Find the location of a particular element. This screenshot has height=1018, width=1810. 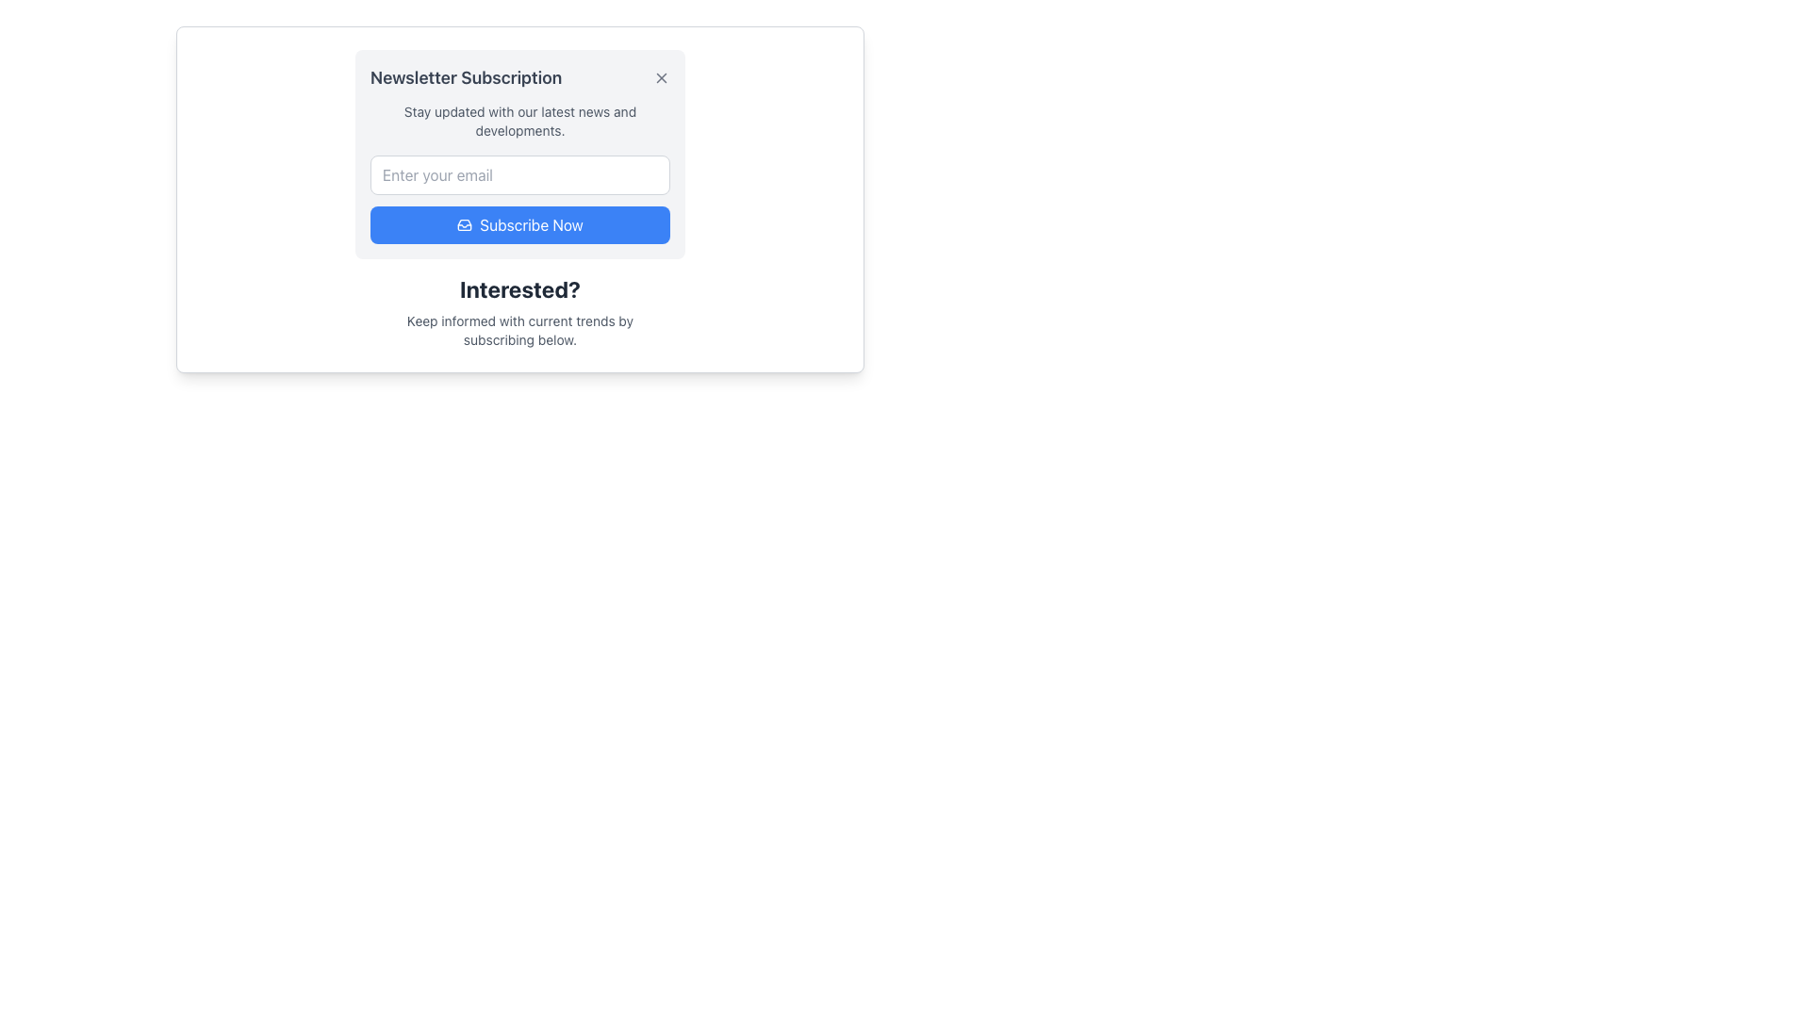

the text label that contains the word 'Interested?' which is styled in bold and larger font size, centrally placed above the descriptive text in dark gray color is located at coordinates (520, 289).